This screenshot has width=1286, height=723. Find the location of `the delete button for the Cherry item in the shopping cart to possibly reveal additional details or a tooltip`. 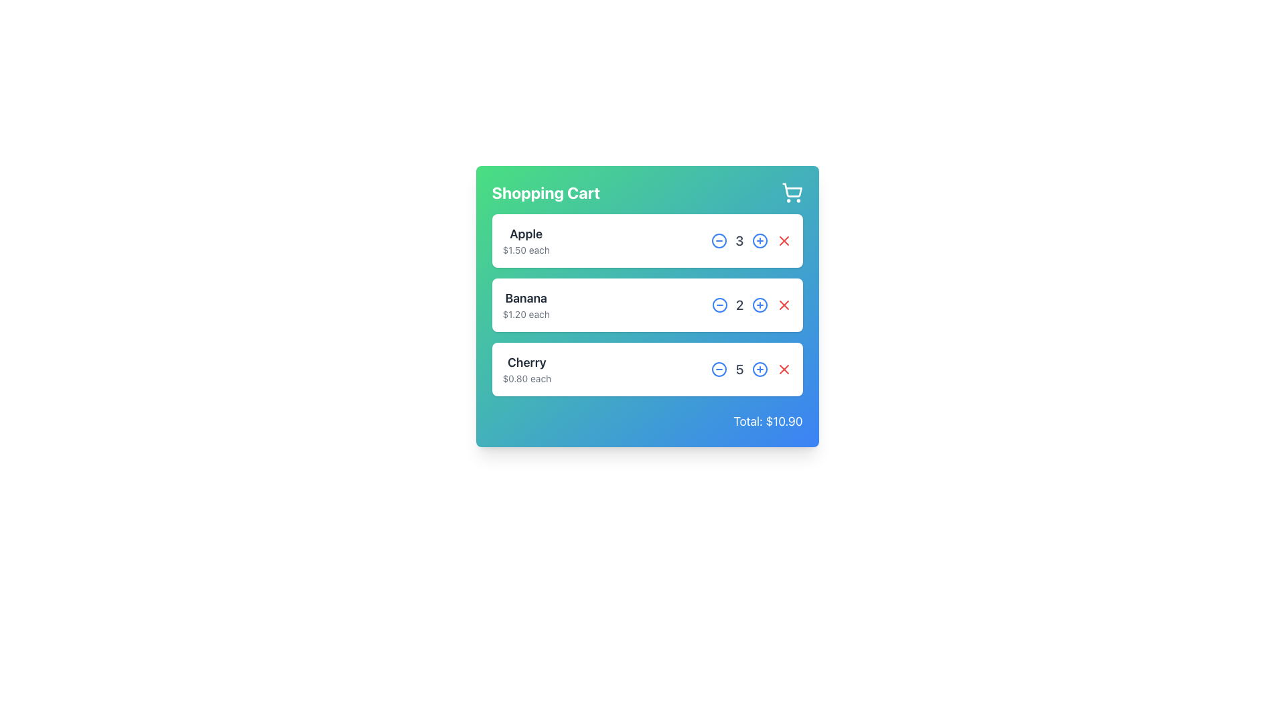

the delete button for the Cherry item in the shopping cart to possibly reveal additional details or a tooltip is located at coordinates (784, 369).